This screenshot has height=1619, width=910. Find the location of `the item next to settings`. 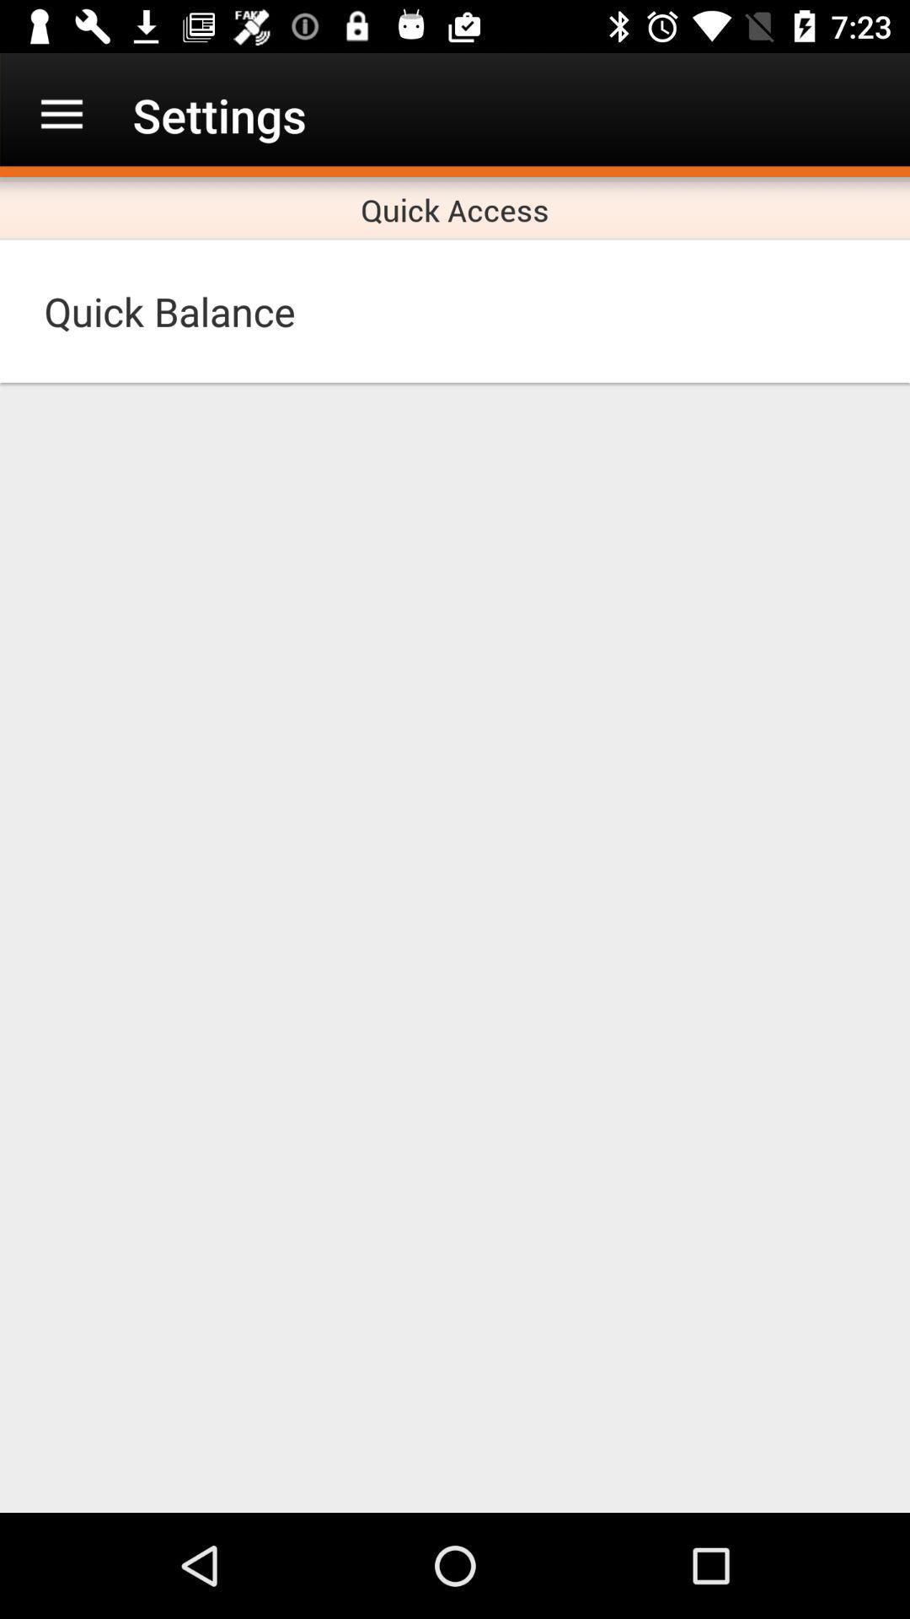

the item next to settings is located at coordinates (61, 114).